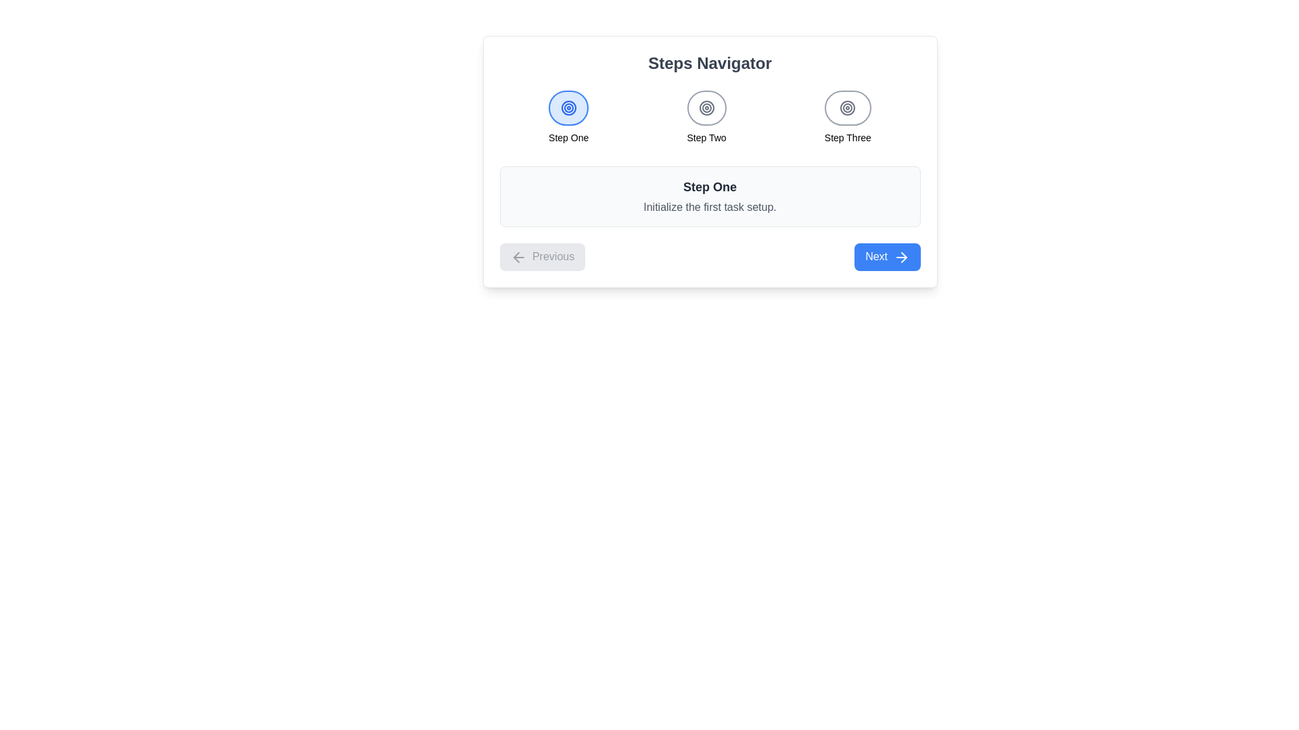  I want to click on the 'Step One' interactive icon, which is the first in a horizontal sequence of three step indicators at the top center of the interface, so click(568, 107).